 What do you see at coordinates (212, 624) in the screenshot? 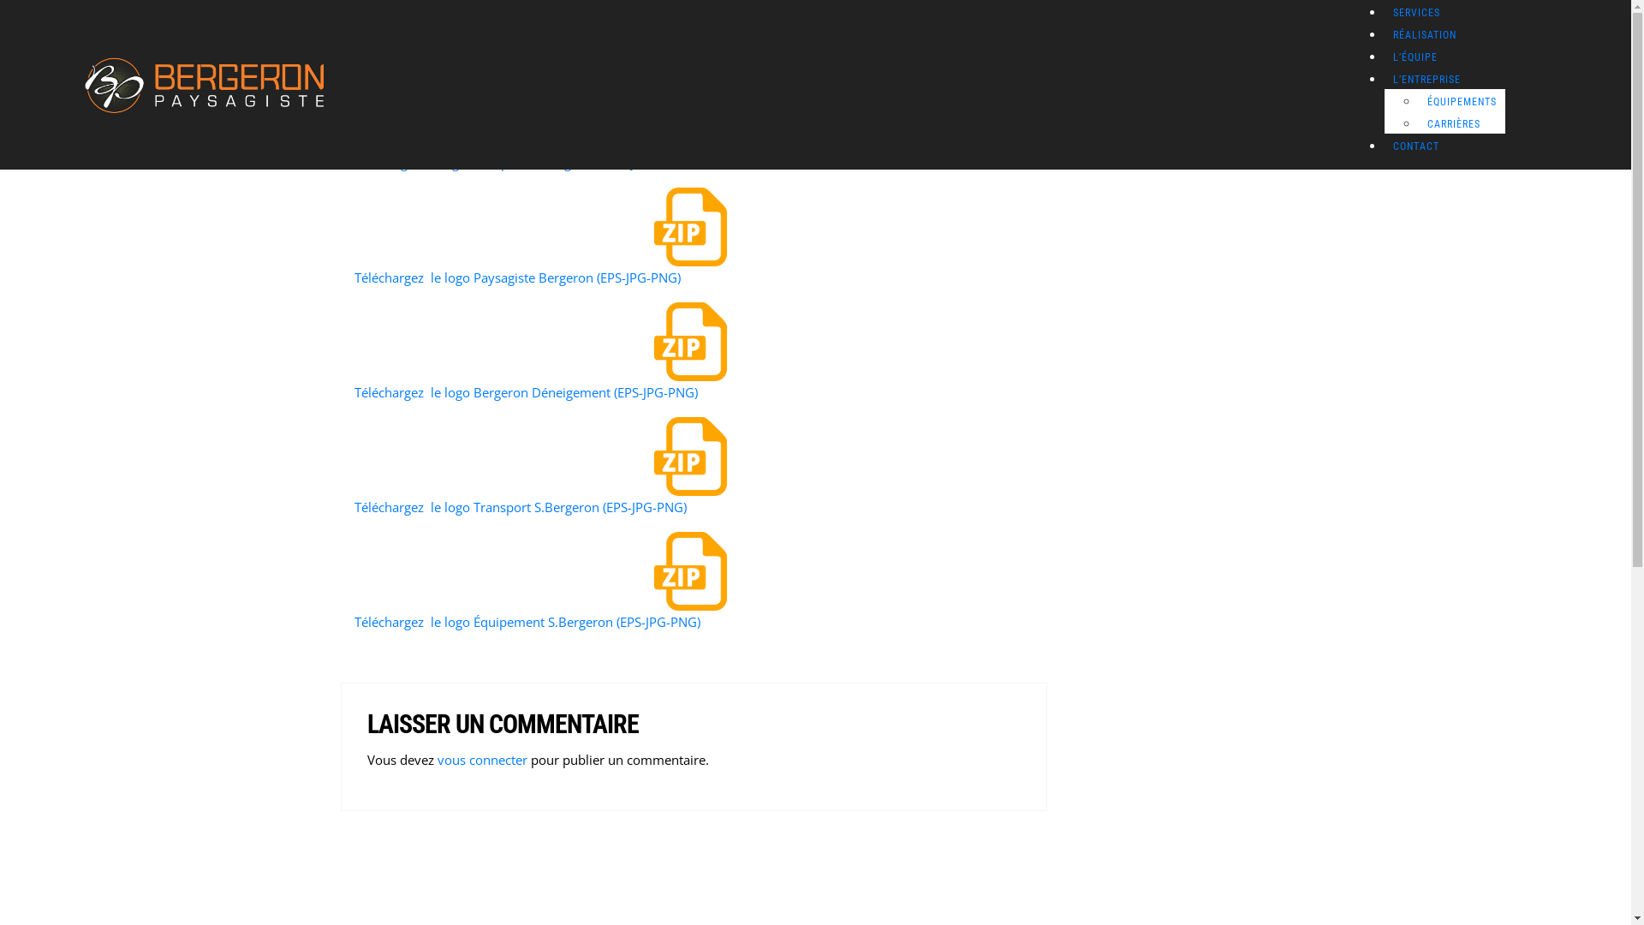
I see `'Se connecter'` at bounding box center [212, 624].